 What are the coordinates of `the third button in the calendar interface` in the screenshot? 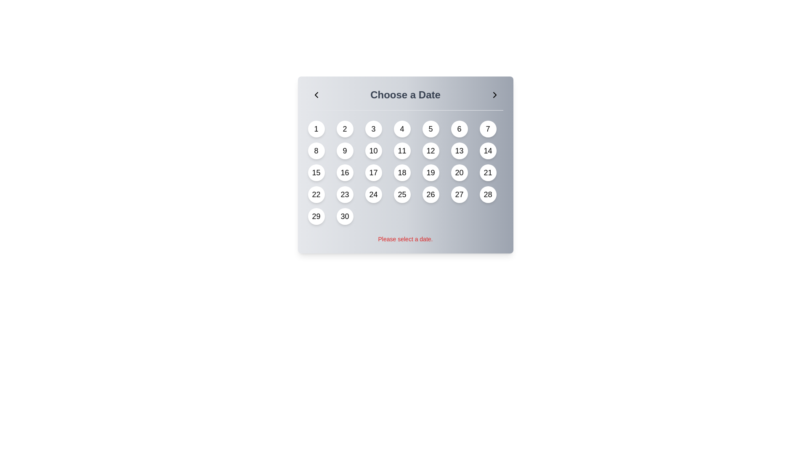 It's located at (373, 129).